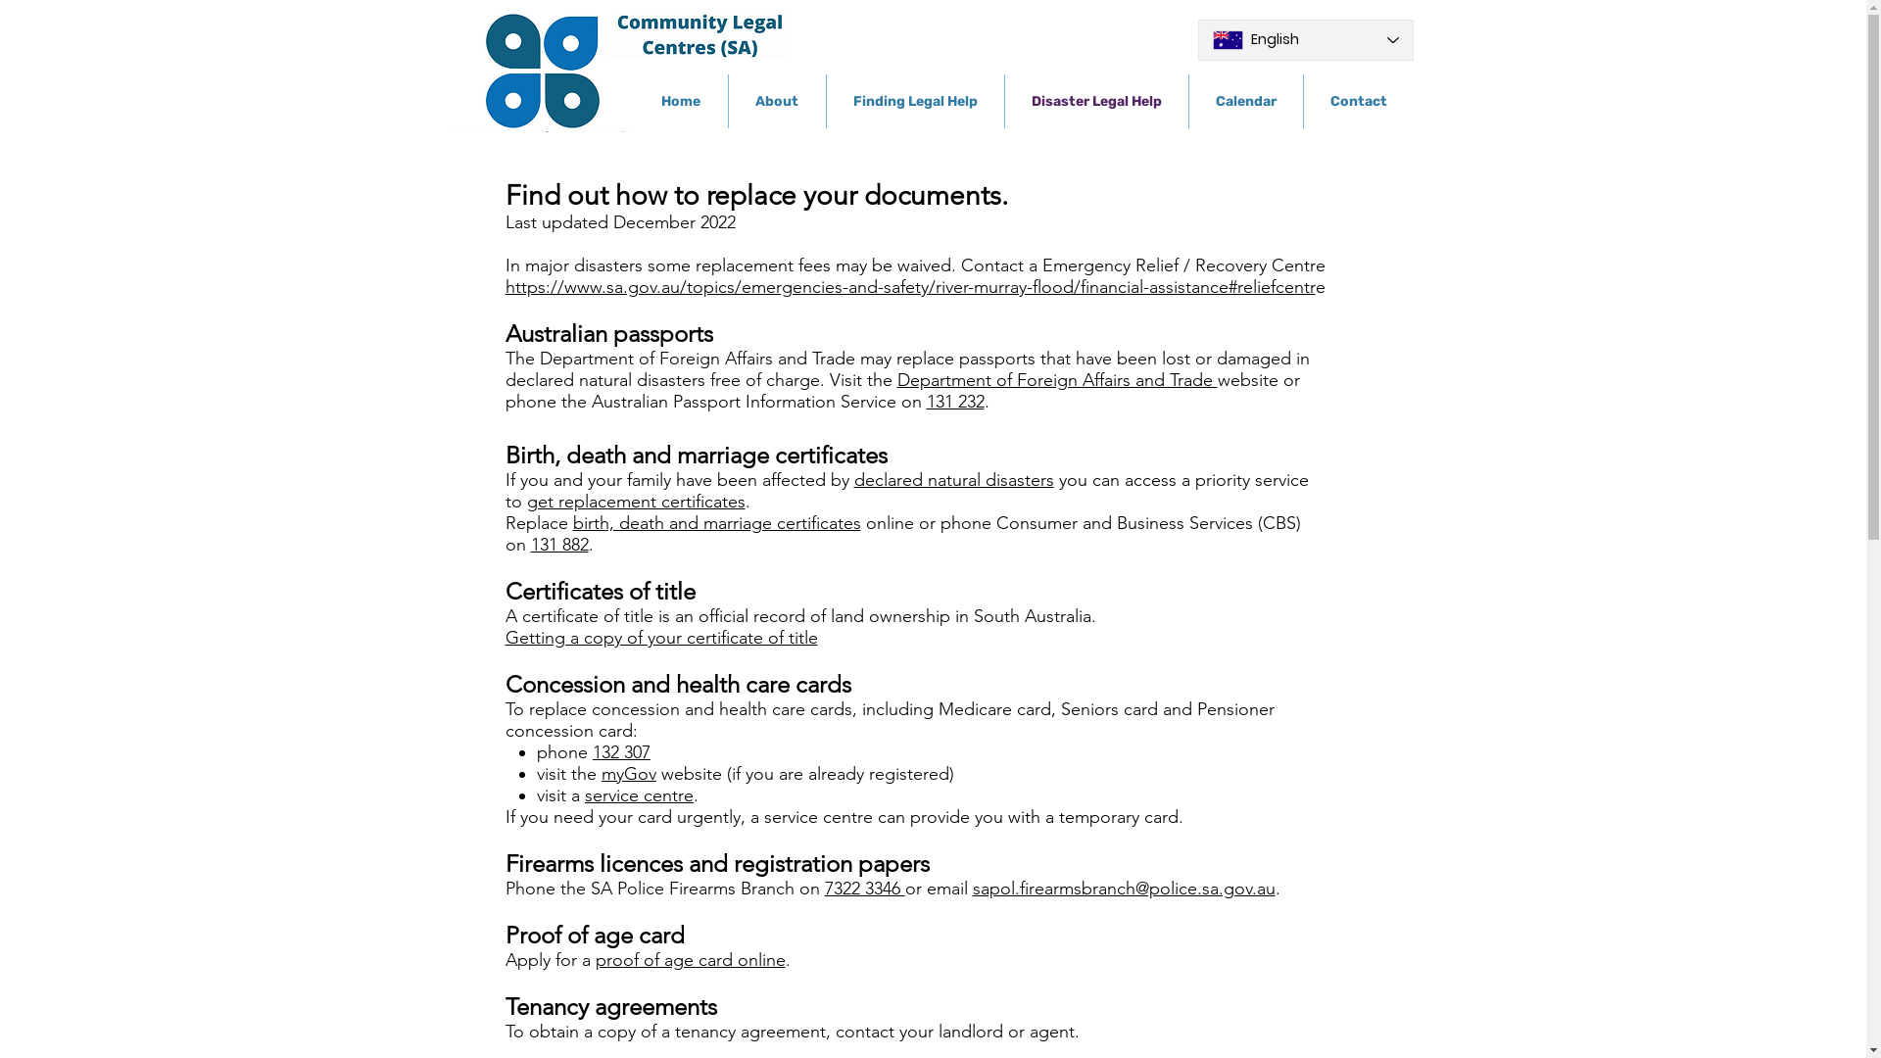 This screenshot has height=1058, width=1881. What do you see at coordinates (681, 101) in the screenshot?
I see `'Home'` at bounding box center [681, 101].